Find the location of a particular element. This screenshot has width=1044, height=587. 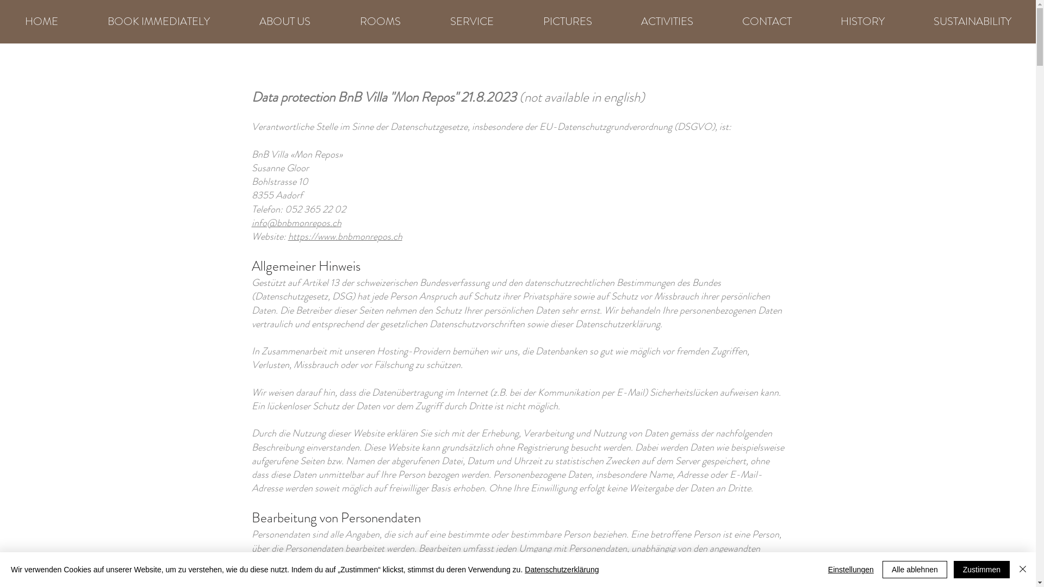

'info@bnbmonrepos.ch' is located at coordinates (296, 222).